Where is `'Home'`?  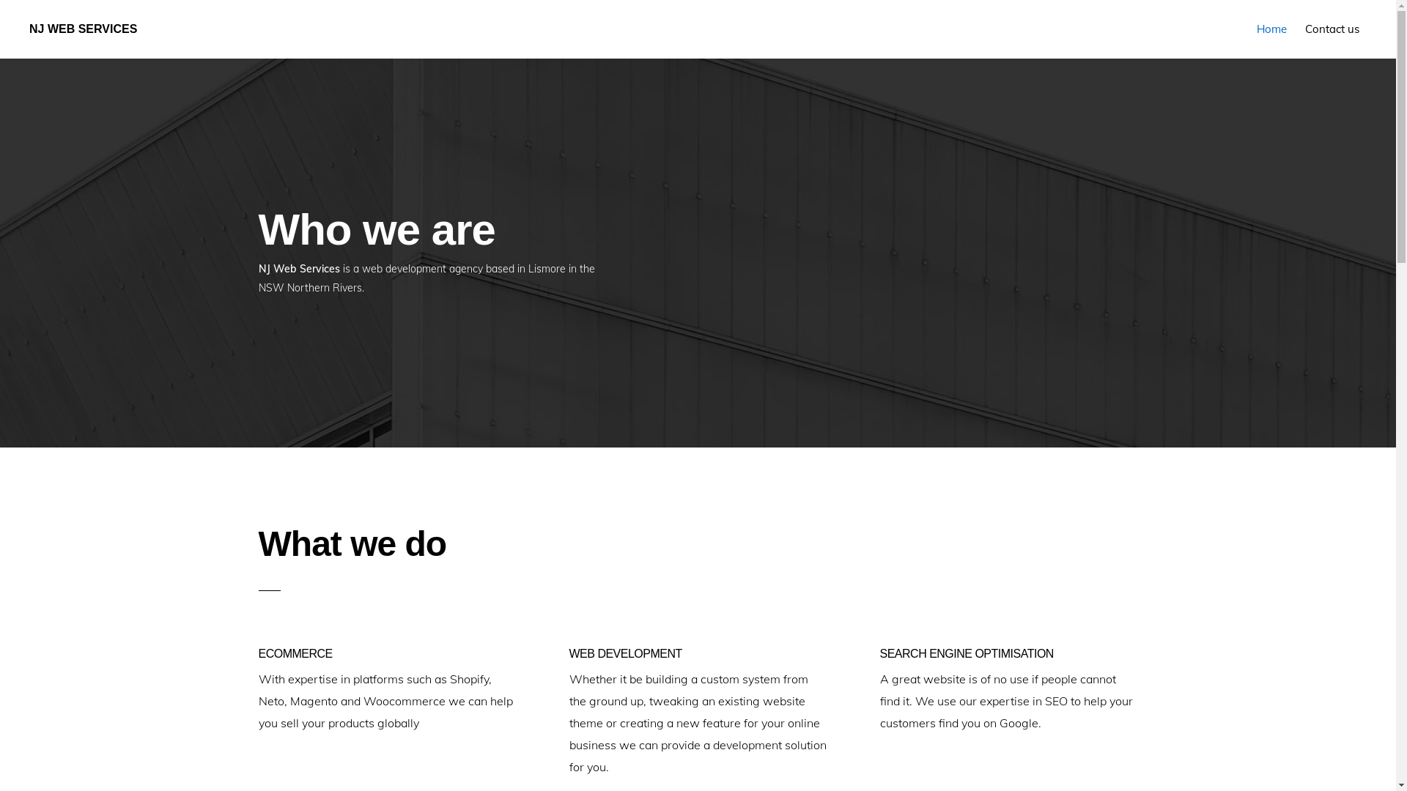
'Home' is located at coordinates (1271, 29).